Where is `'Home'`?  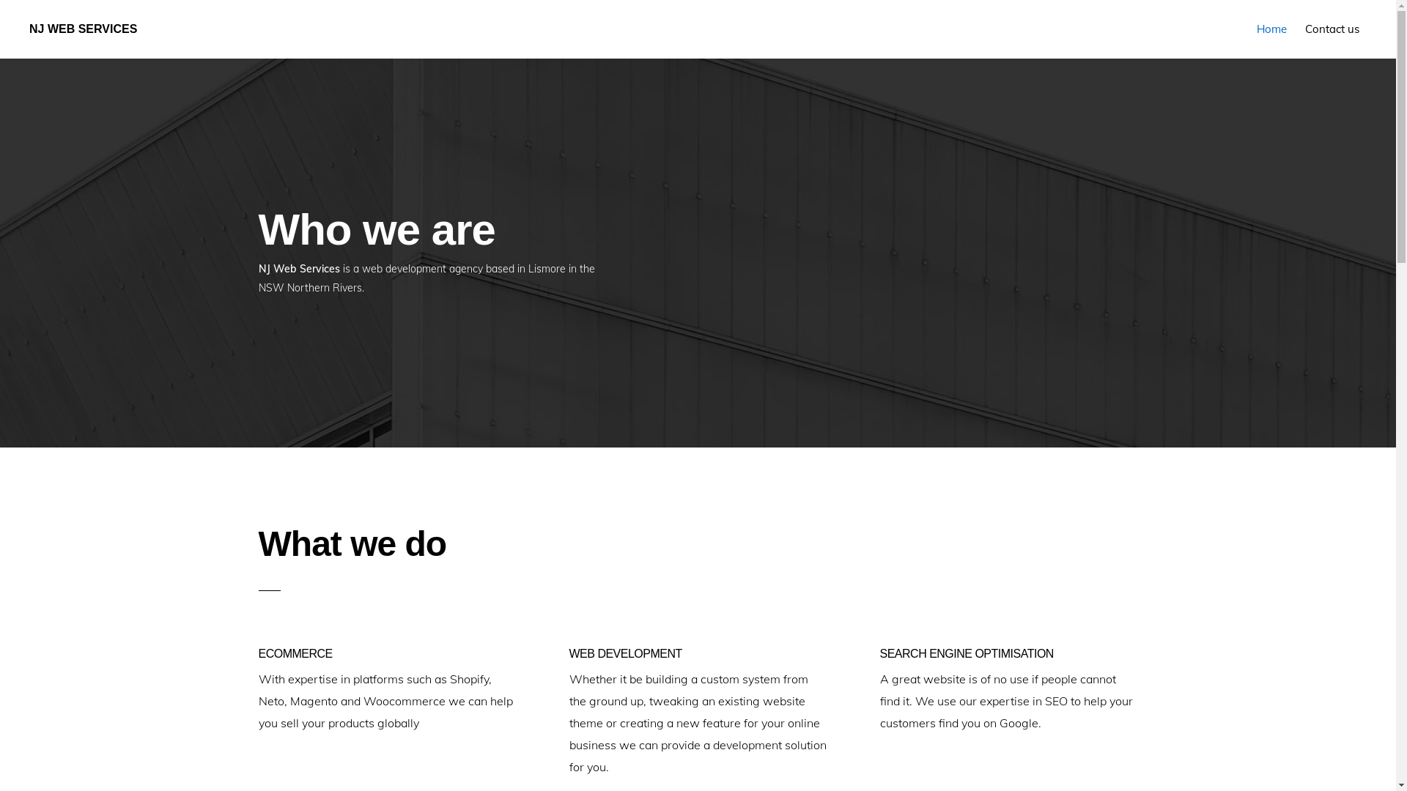
'Home' is located at coordinates (1271, 29).